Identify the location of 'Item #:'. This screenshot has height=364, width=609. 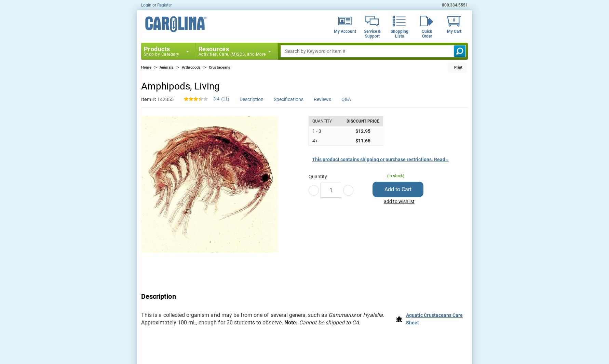
(148, 99).